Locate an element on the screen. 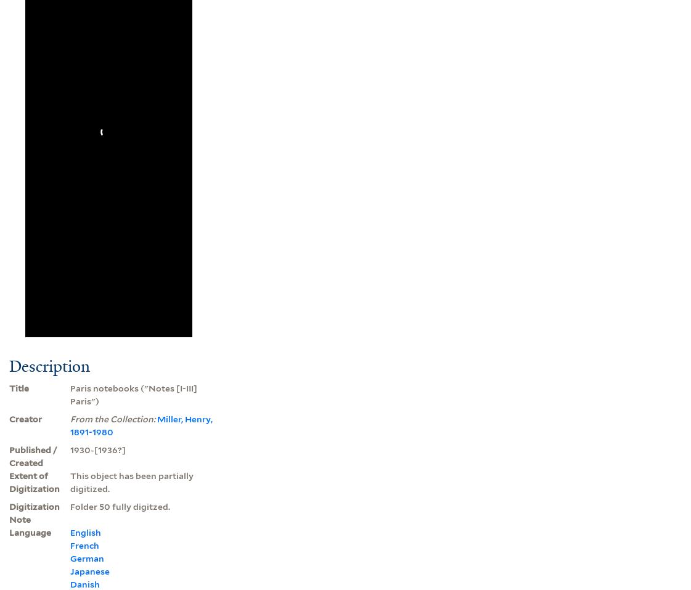  'English' is located at coordinates (70, 532).